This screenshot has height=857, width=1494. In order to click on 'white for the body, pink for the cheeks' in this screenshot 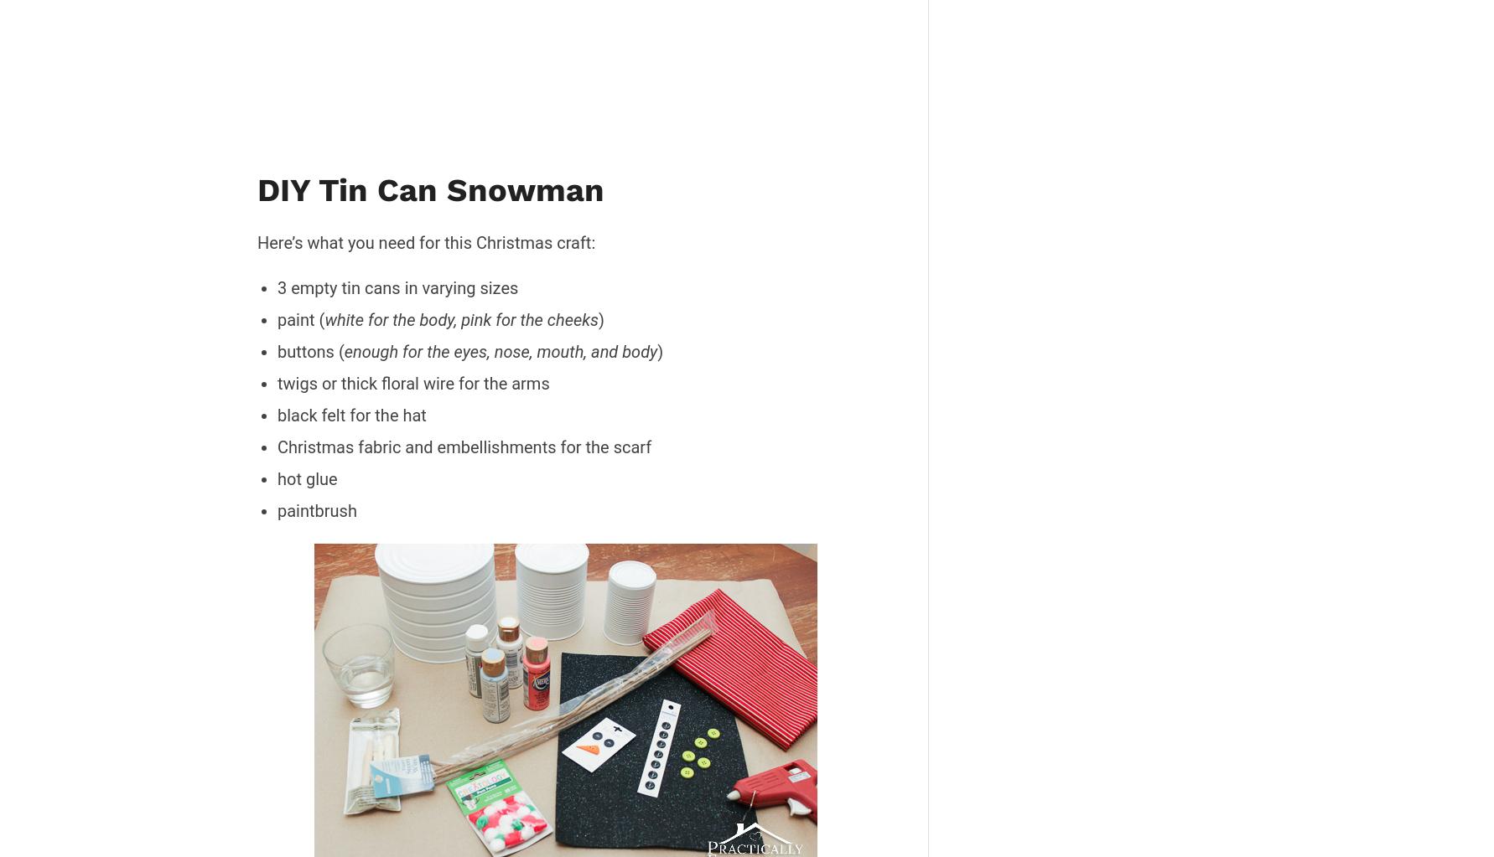, I will do `click(461, 318)`.